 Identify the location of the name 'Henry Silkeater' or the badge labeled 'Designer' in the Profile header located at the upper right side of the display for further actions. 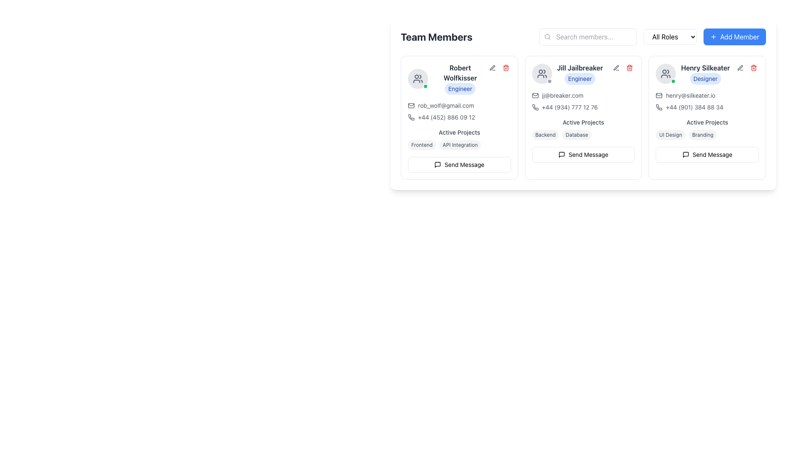
(693, 73).